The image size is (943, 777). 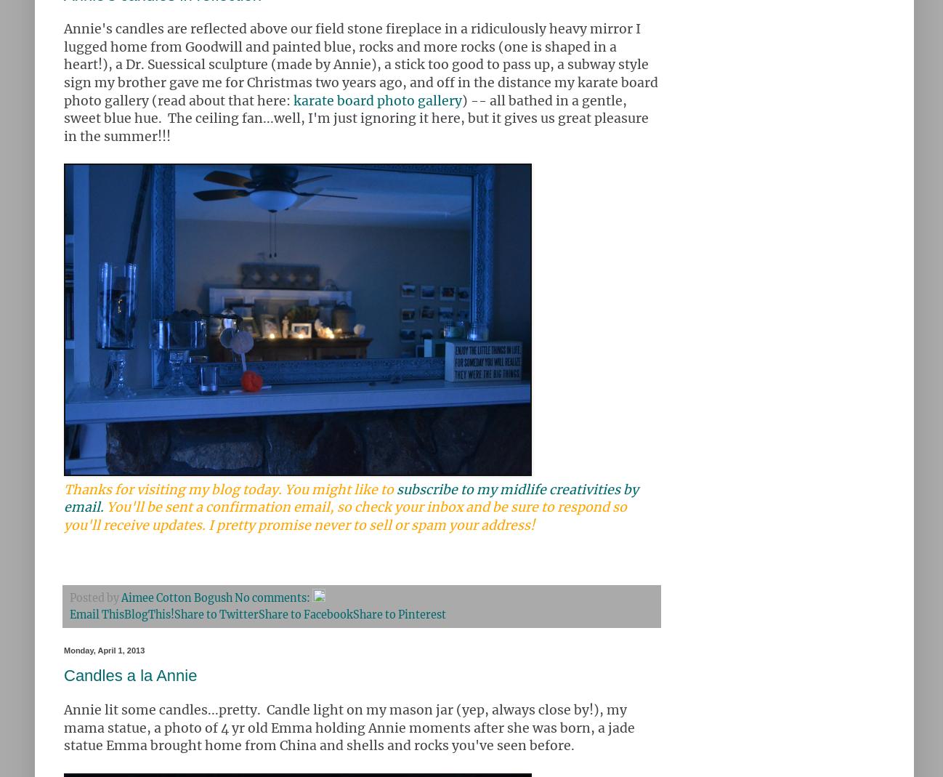 I want to click on 'You'll be sent a confirmation email, so check your inbox and be sure to respond so you'll receive updates.  I pretty promise never to sell or spam your address!', so click(x=345, y=515).